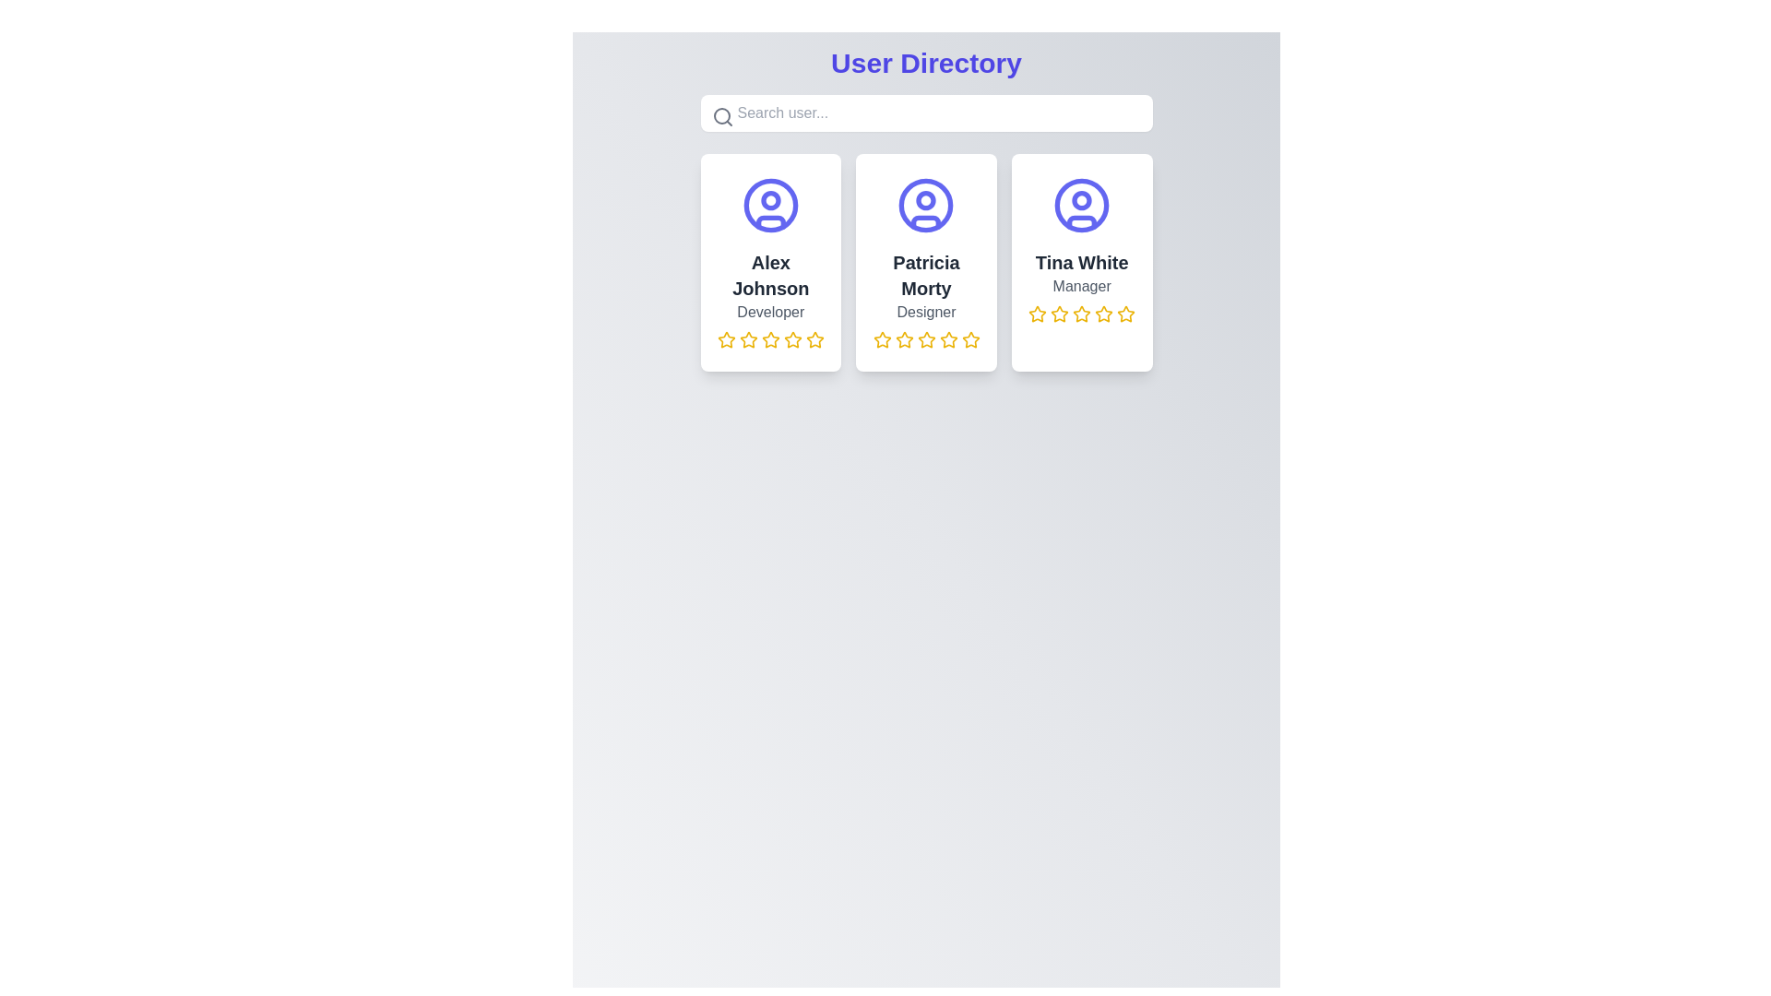 Image resolution: width=1771 pixels, height=996 pixels. What do you see at coordinates (969, 339) in the screenshot?
I see `the fifth interactive graphic rating star icon with a yellow border and empty center, located below the user profile for 'Patricia Morty', to rate with 5 stars` at bounding box center [969, 339].